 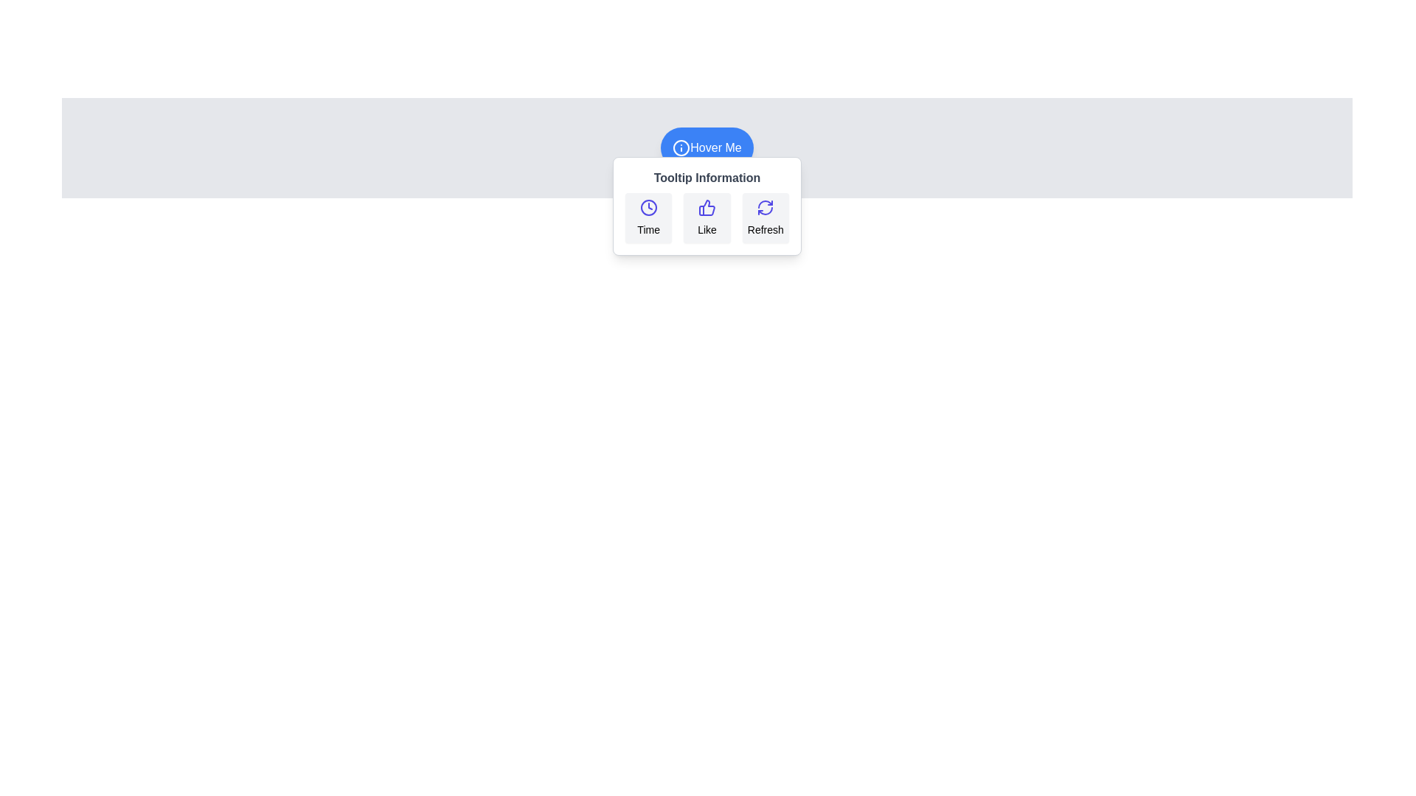 What do you see at coordinates (648, 218) in the screenshot?
I see `the button labeled 'Time' which contains a clock icon with a blue outline to trigger the hover effect` at bounding box center [648, 218].